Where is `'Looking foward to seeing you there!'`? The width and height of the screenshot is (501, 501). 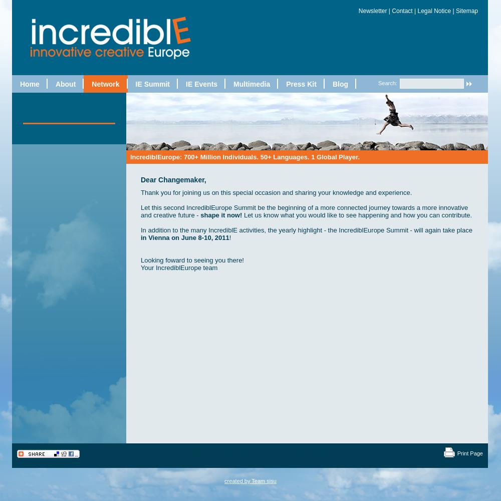
'Looking foward to seeing you there!' is located at coordinates (192, 260).